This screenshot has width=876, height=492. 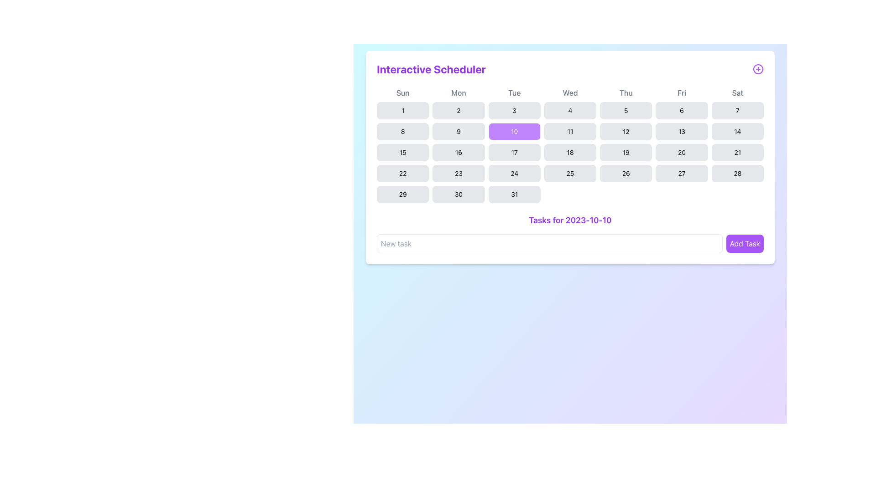 What do you see at coordinates (569, 157) in the screenshot?
I see `a date in the Interactive Scheduler calendar` at bounding box center [569, 157].